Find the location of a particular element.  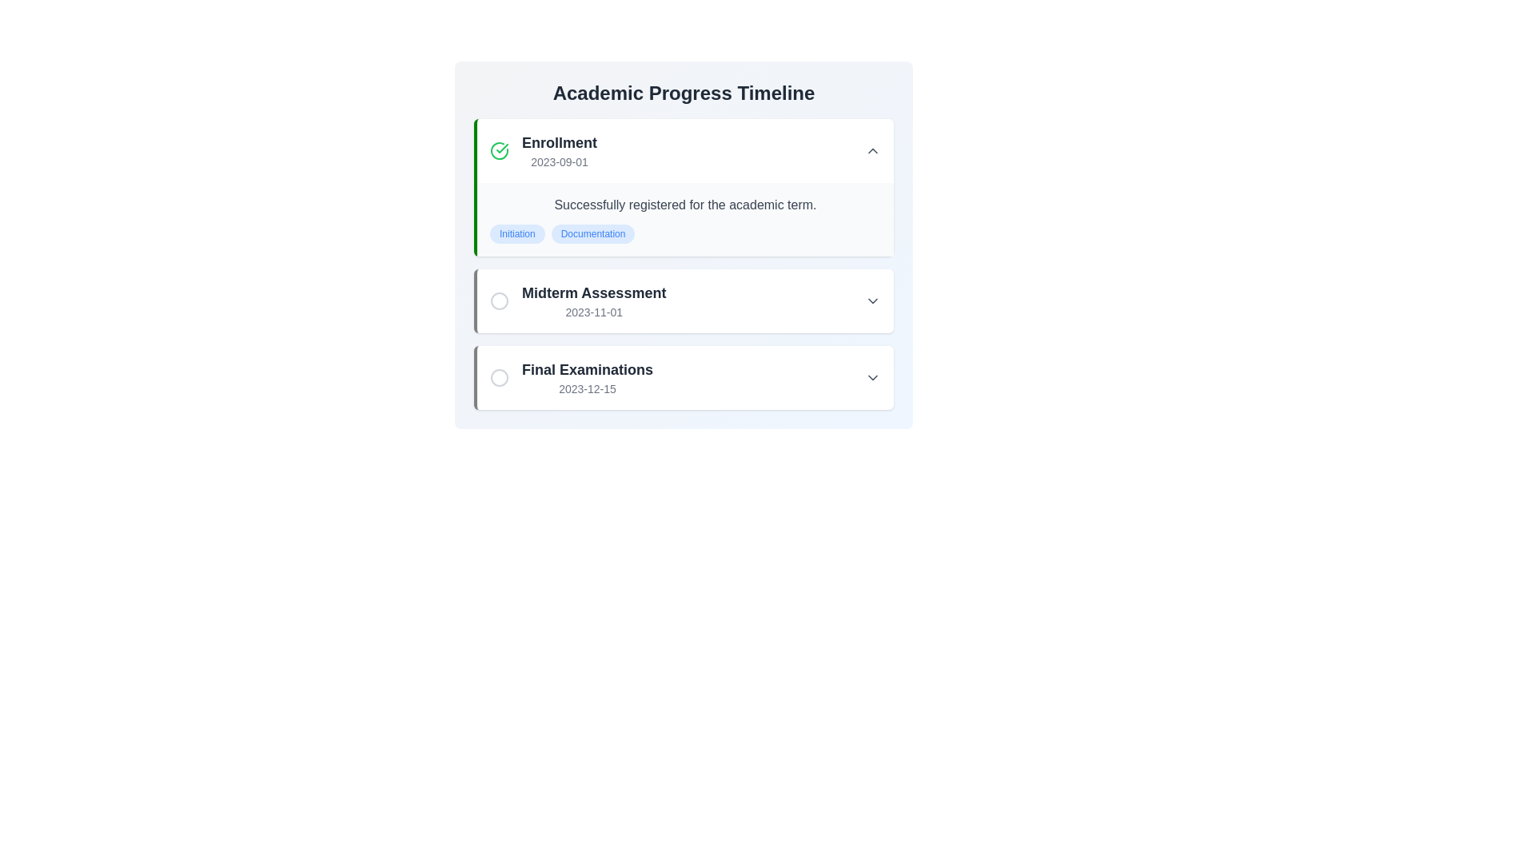

the circular gray outlined SVG icon located before the text 'Midterm Assessment 2023-11-01' in the timeline, if it is interactive is located at coordinates (498, 301).